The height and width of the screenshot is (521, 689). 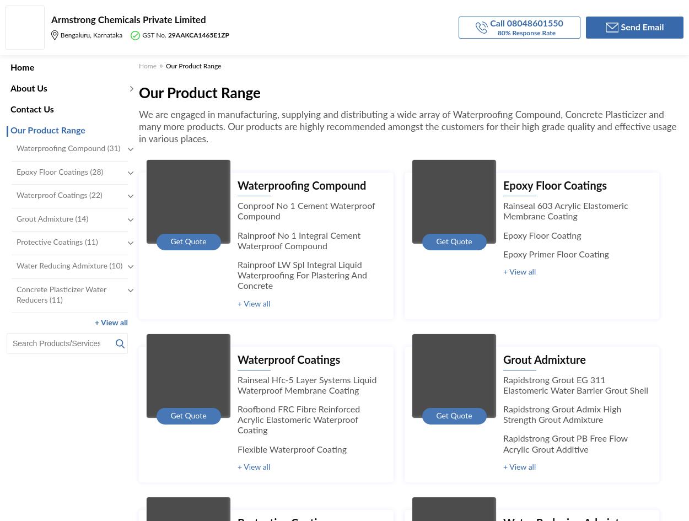 I want to click on 'Registration & Directors Information', so click(x=194, y=163).